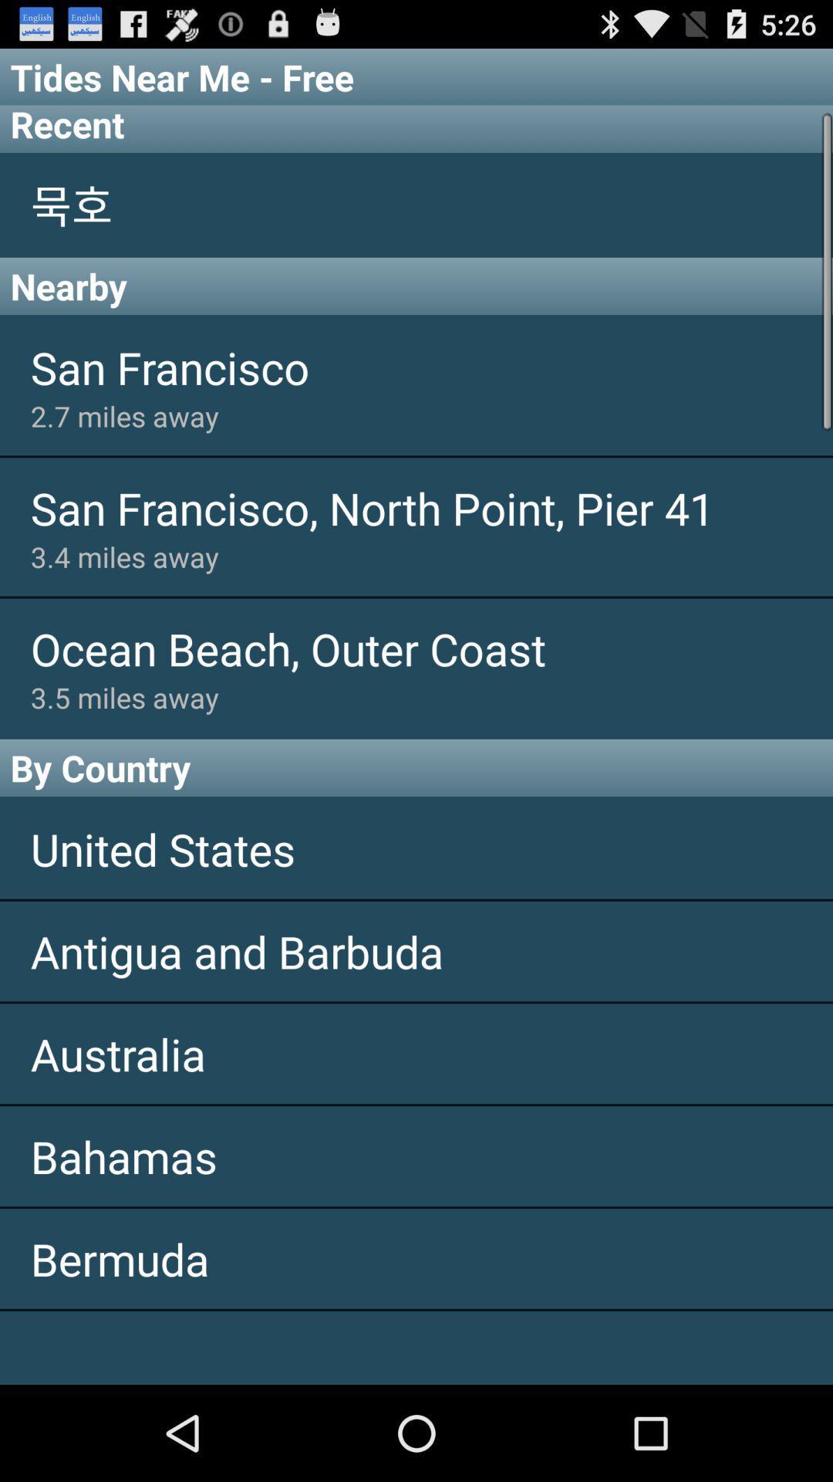  What do you see at coordinates (416, 286) in the screenshot?
I see `icon above the san francisco app` at bounding box center [416, 286].